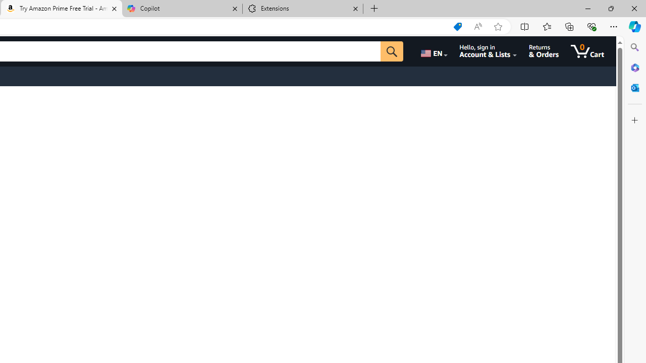  I want to click on 'Close Outlook pane', so click(634, 87).